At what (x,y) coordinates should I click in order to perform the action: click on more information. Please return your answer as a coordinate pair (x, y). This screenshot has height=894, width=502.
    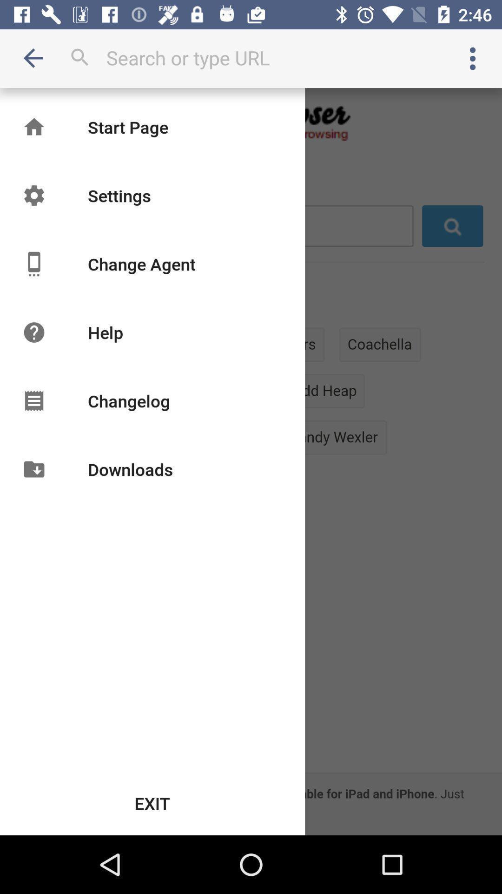
    Looking at the image, I should click on (473, 58).